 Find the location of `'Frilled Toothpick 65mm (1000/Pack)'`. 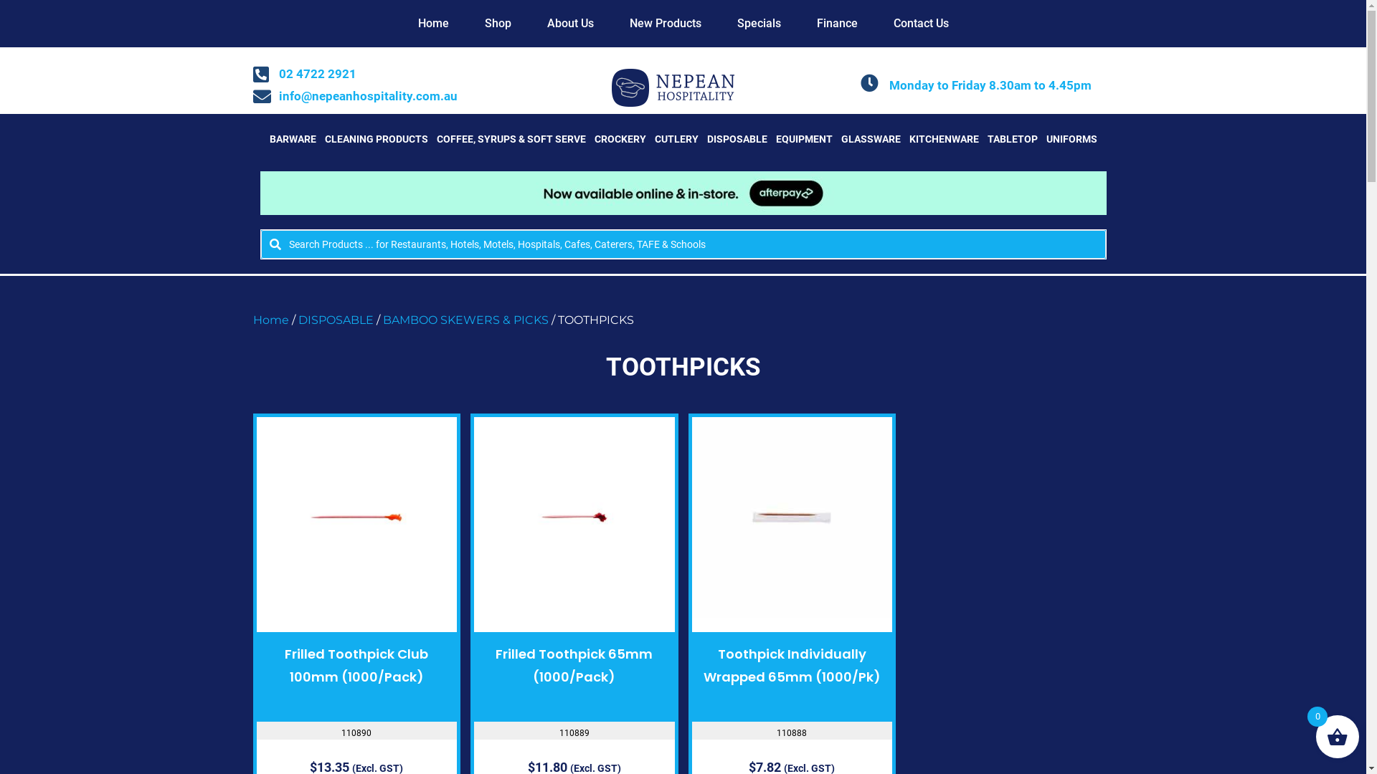

'Frilled Toothpick 65mm (1000/Pack)' is located at coordinates (574, 665).